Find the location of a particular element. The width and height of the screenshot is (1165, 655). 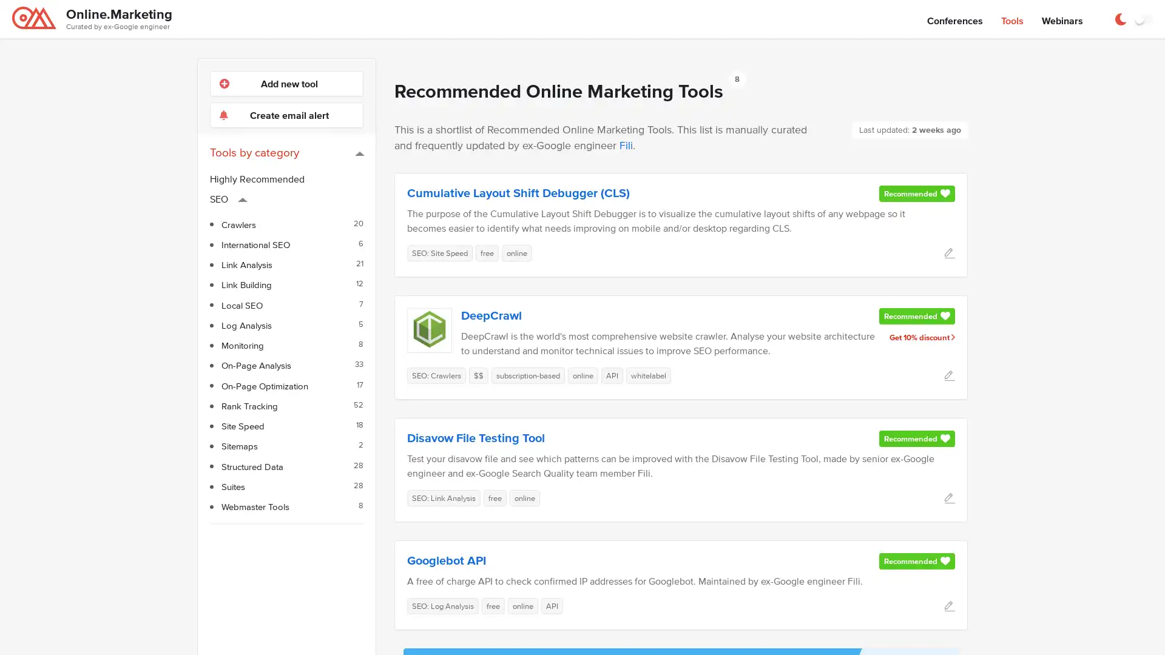

free is located at coordinates (493, 605).